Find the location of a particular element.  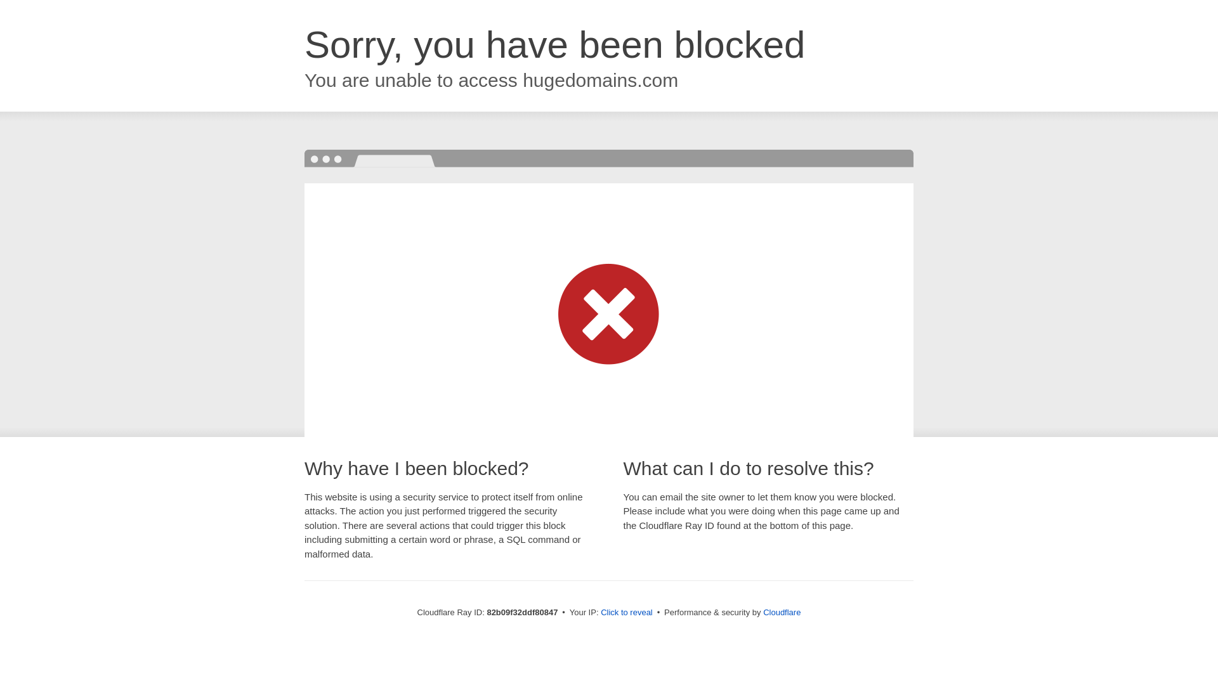

'Click to reveal' is located at coordinates (627, 611).